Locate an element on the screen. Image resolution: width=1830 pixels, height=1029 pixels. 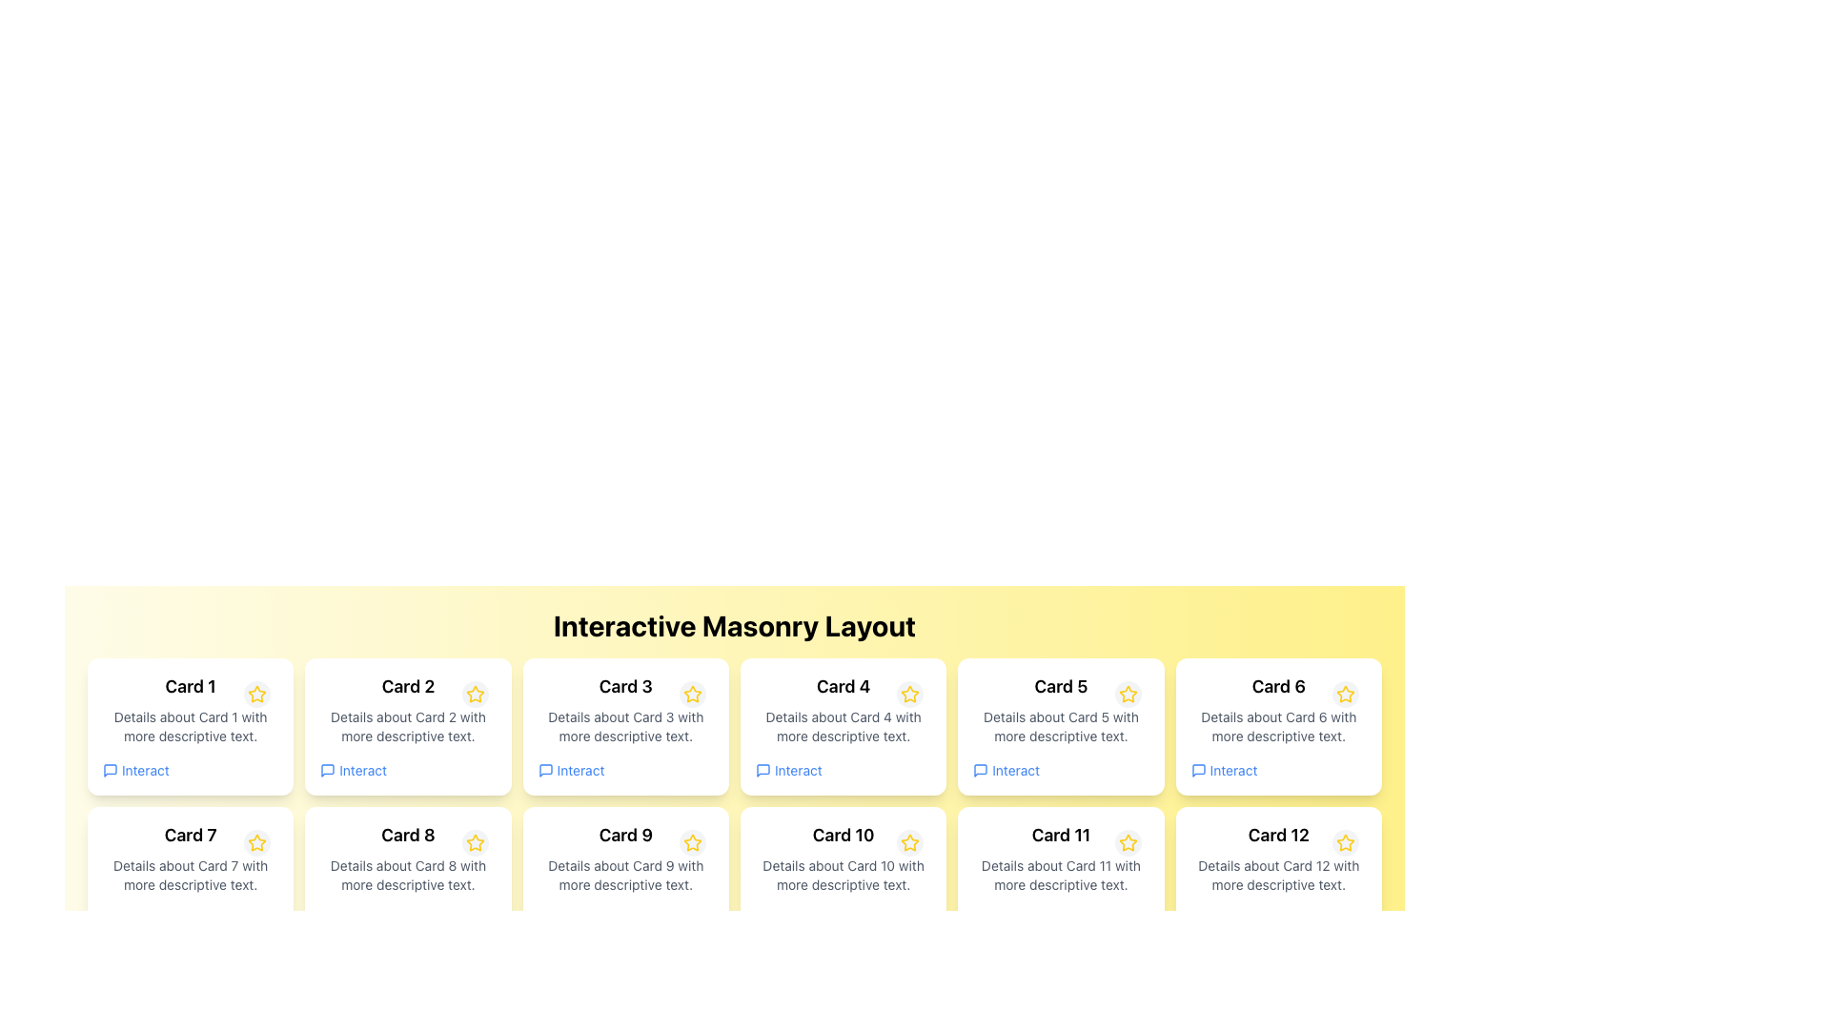
the favorite marking icon is located at coordinates (909, 695).